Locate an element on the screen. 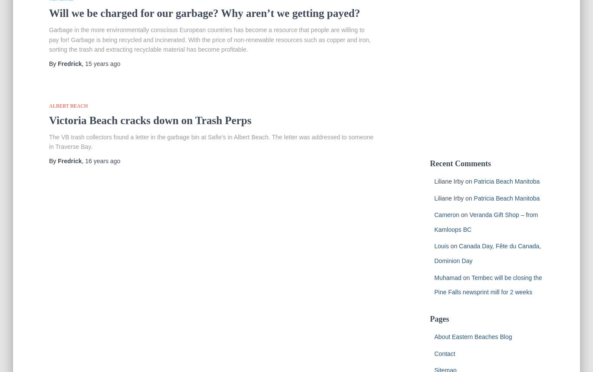 The width and height of the screenshot is (593, 372). 'Cameron' is located at coordinates (446, 215).